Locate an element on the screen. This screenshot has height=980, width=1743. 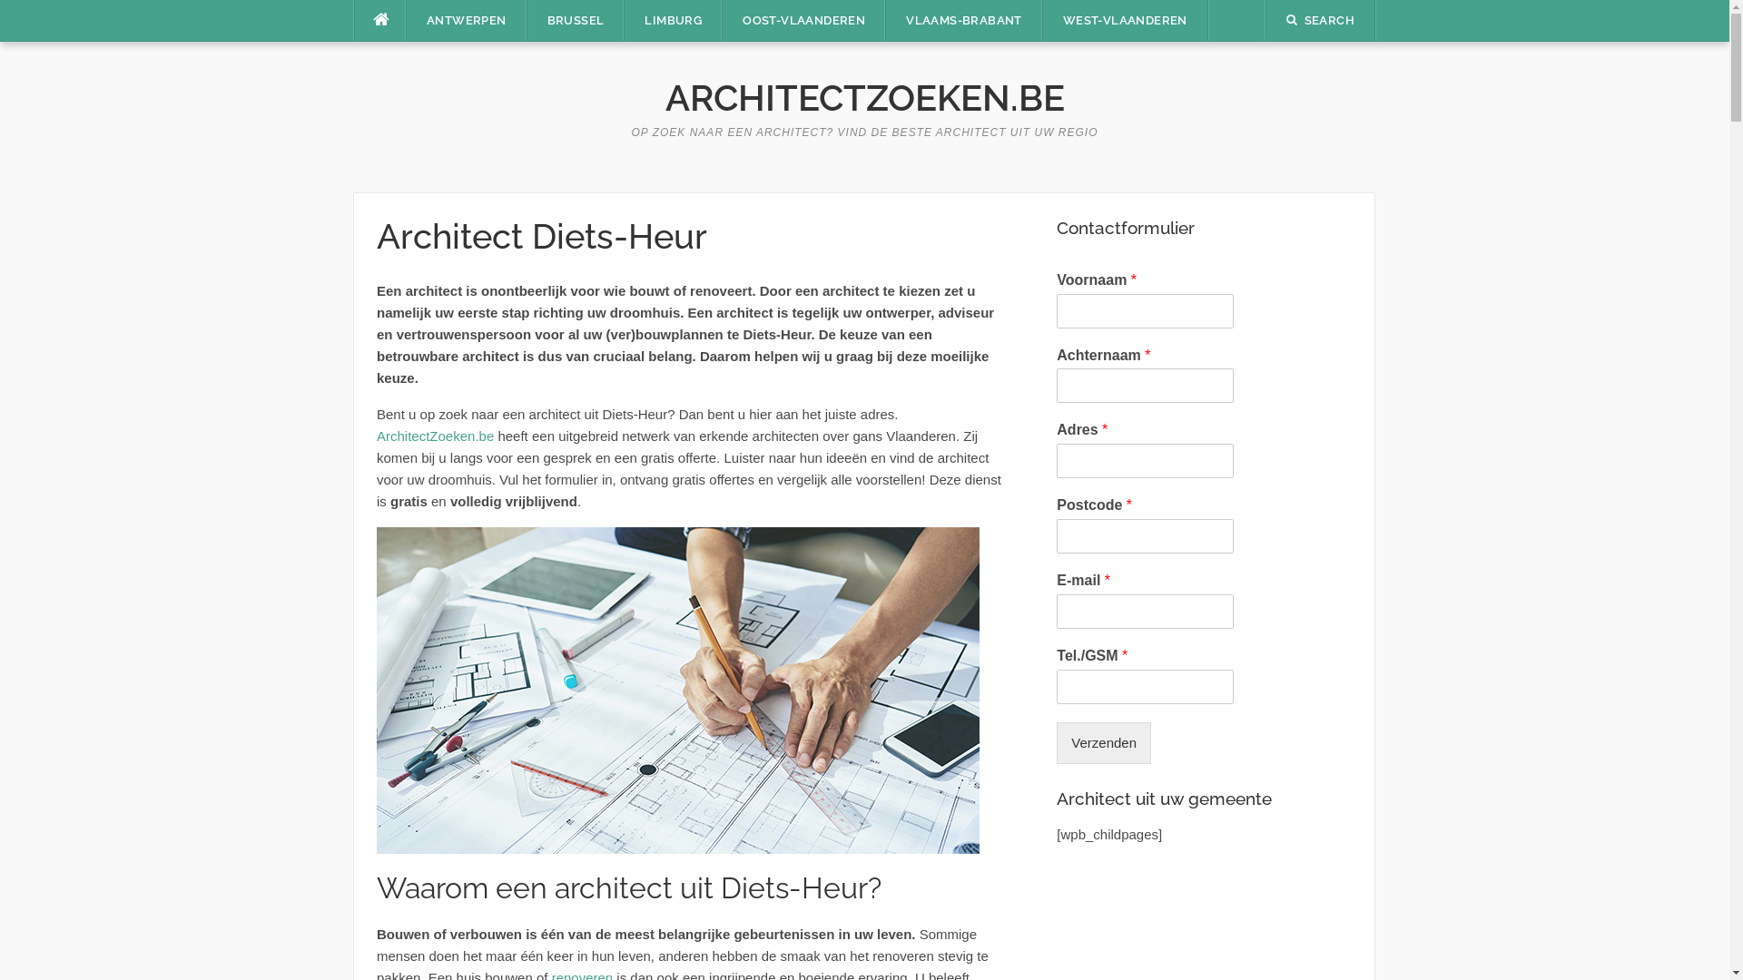
'LIMBURG' is located at coordinates (672, 21).